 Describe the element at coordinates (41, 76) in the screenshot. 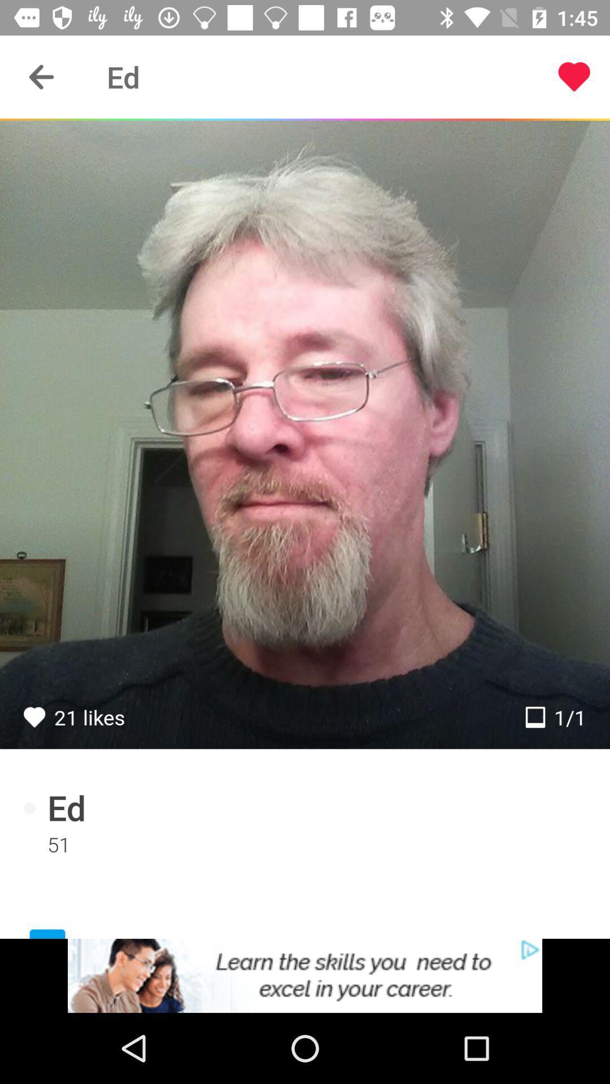

I see `go back` at that location.